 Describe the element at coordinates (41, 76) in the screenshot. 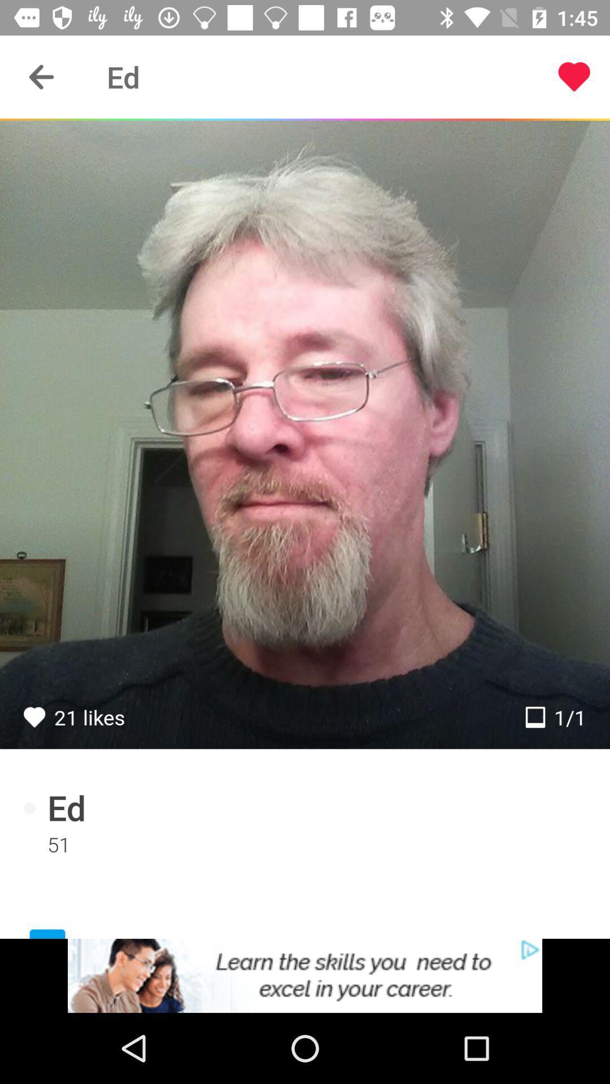

I see `go back` at that location.